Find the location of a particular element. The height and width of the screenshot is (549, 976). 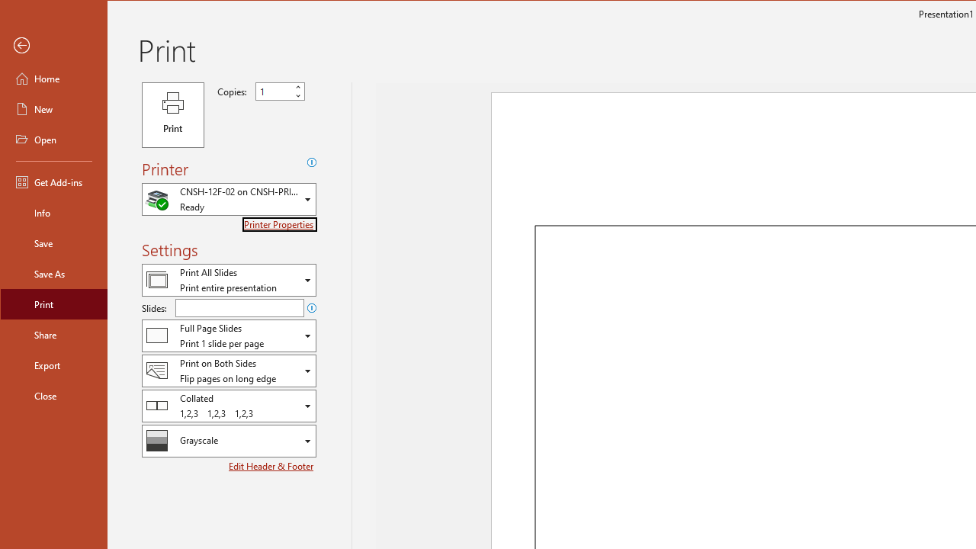

'Collation' is located at coordinates (228, 405).